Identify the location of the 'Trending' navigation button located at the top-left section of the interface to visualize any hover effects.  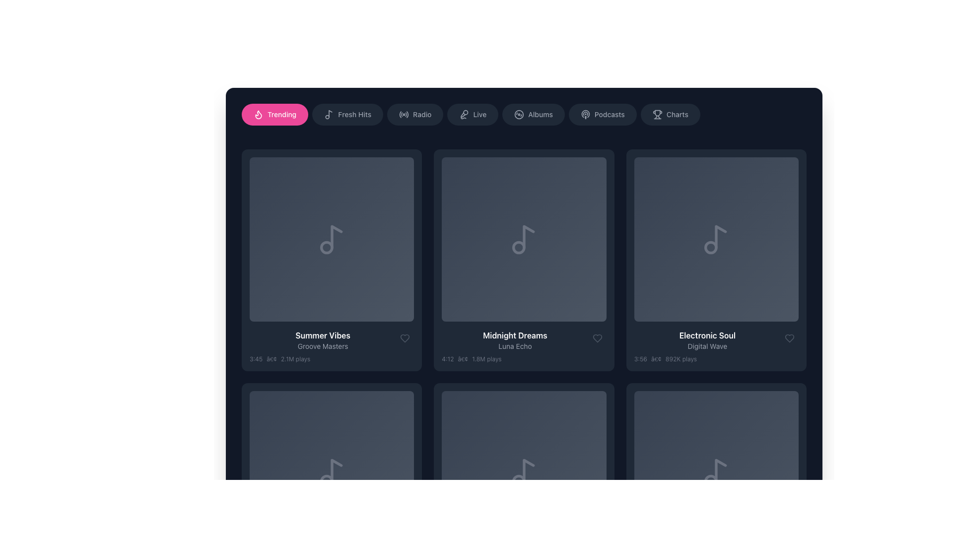
(275, 114).